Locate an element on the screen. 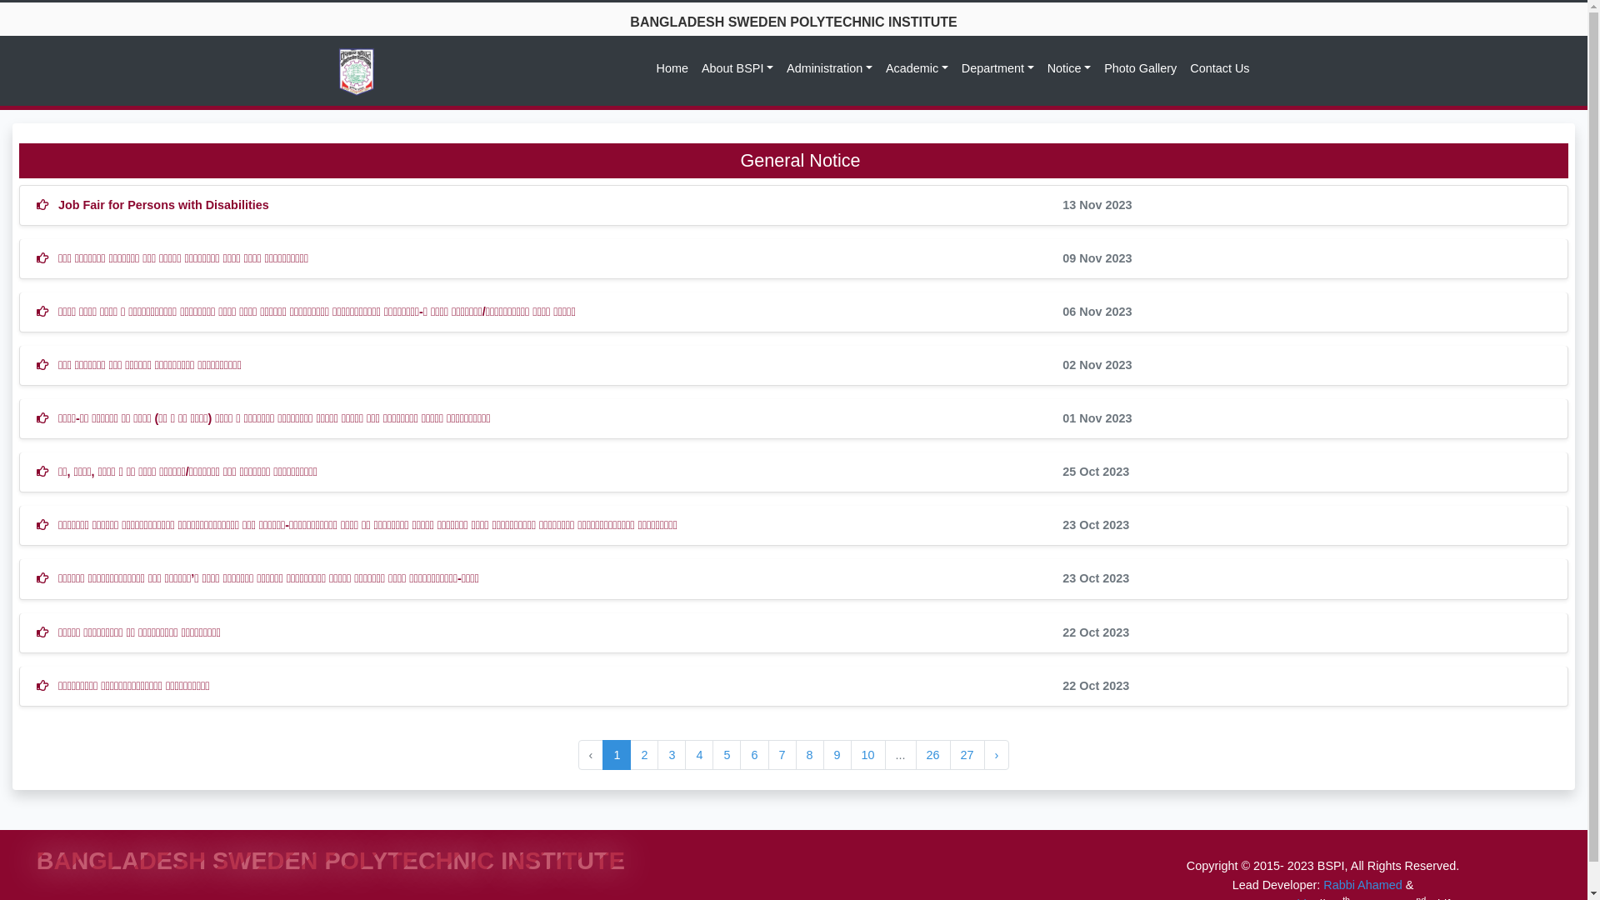 Image resolution: width=1600 pixels, height=900 pixels. 'Contact Us' is located at coordinates (1182, 67).